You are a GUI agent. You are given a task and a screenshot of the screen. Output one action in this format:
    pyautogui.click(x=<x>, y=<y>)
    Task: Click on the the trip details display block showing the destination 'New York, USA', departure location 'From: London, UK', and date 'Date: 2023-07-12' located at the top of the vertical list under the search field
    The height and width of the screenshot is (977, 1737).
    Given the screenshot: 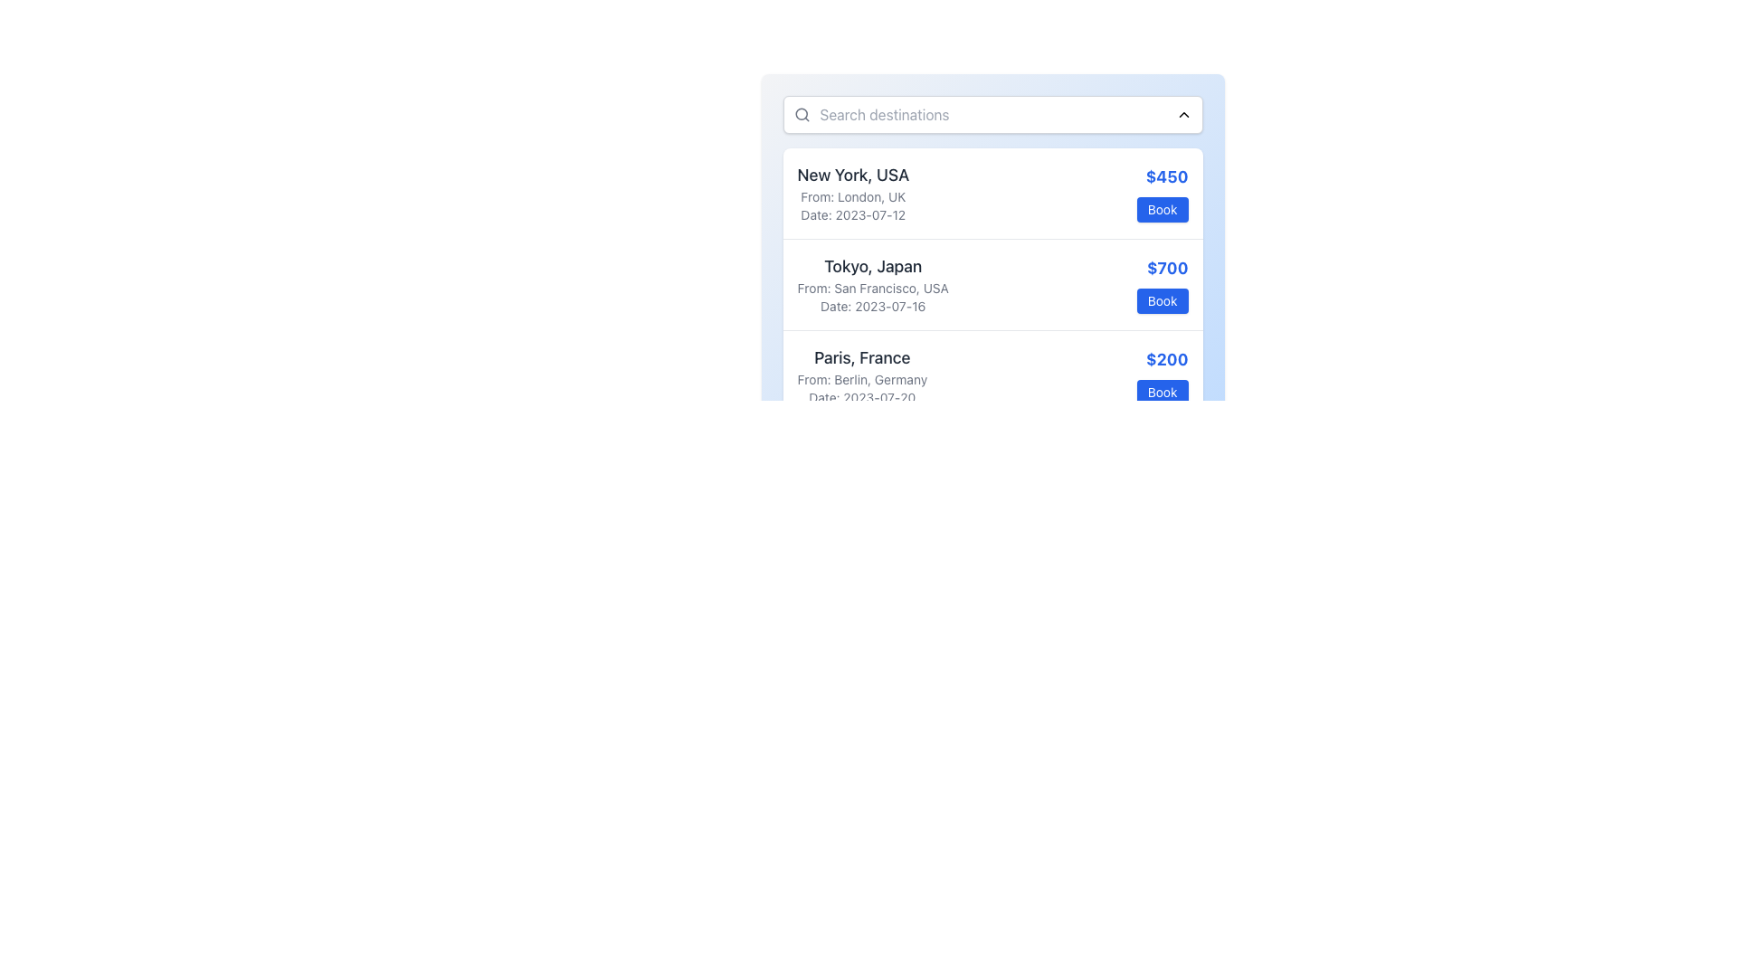 What is the action you would take?
    pyautogui.click(x=852, y=193)
    